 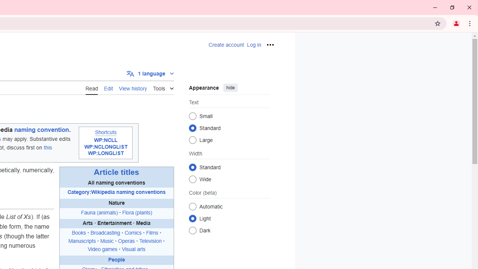 What do you see at coordinates (192, 116) in the screenshot?
I see `'Small'` at bounding box center [192, 116].